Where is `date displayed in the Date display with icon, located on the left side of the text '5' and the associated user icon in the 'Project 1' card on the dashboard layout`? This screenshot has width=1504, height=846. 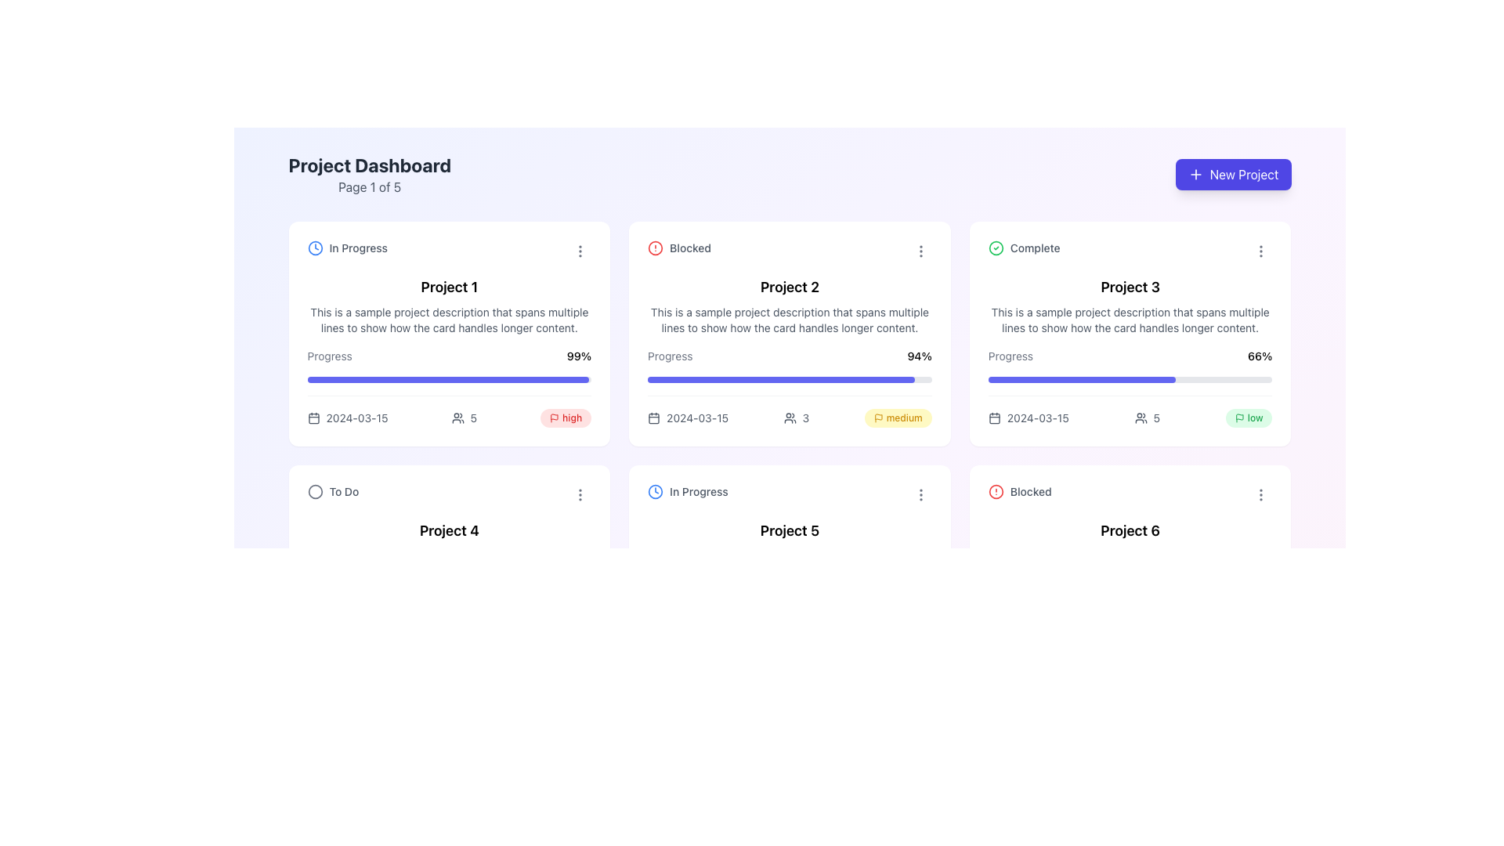 date displayed in the Date display with icon, located on the left side of the text '5' and the associated user icon in the 'Project 1' card on the dashboard layout is located at coordinates (346, 417).